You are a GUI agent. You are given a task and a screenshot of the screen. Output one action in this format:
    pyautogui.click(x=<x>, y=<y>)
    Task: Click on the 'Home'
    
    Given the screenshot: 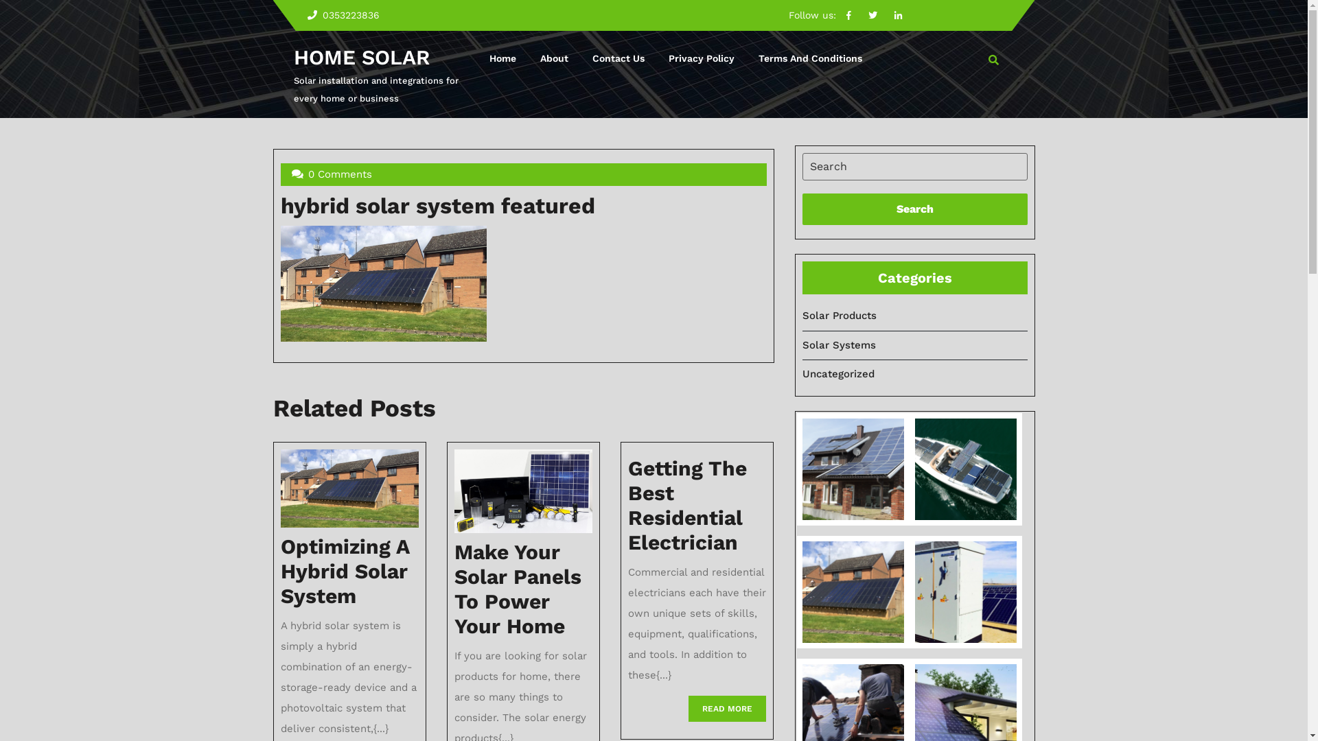 What is the action you would take?
    pyautogui.click(x=502, y=58)
    